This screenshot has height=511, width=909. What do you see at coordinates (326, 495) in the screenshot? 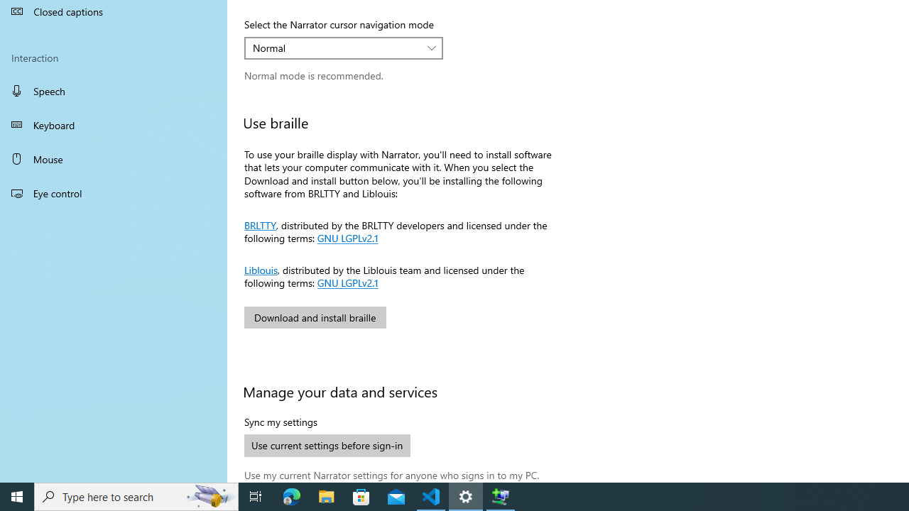
I see `'File Explorer'` at bounding box center [326, 495].